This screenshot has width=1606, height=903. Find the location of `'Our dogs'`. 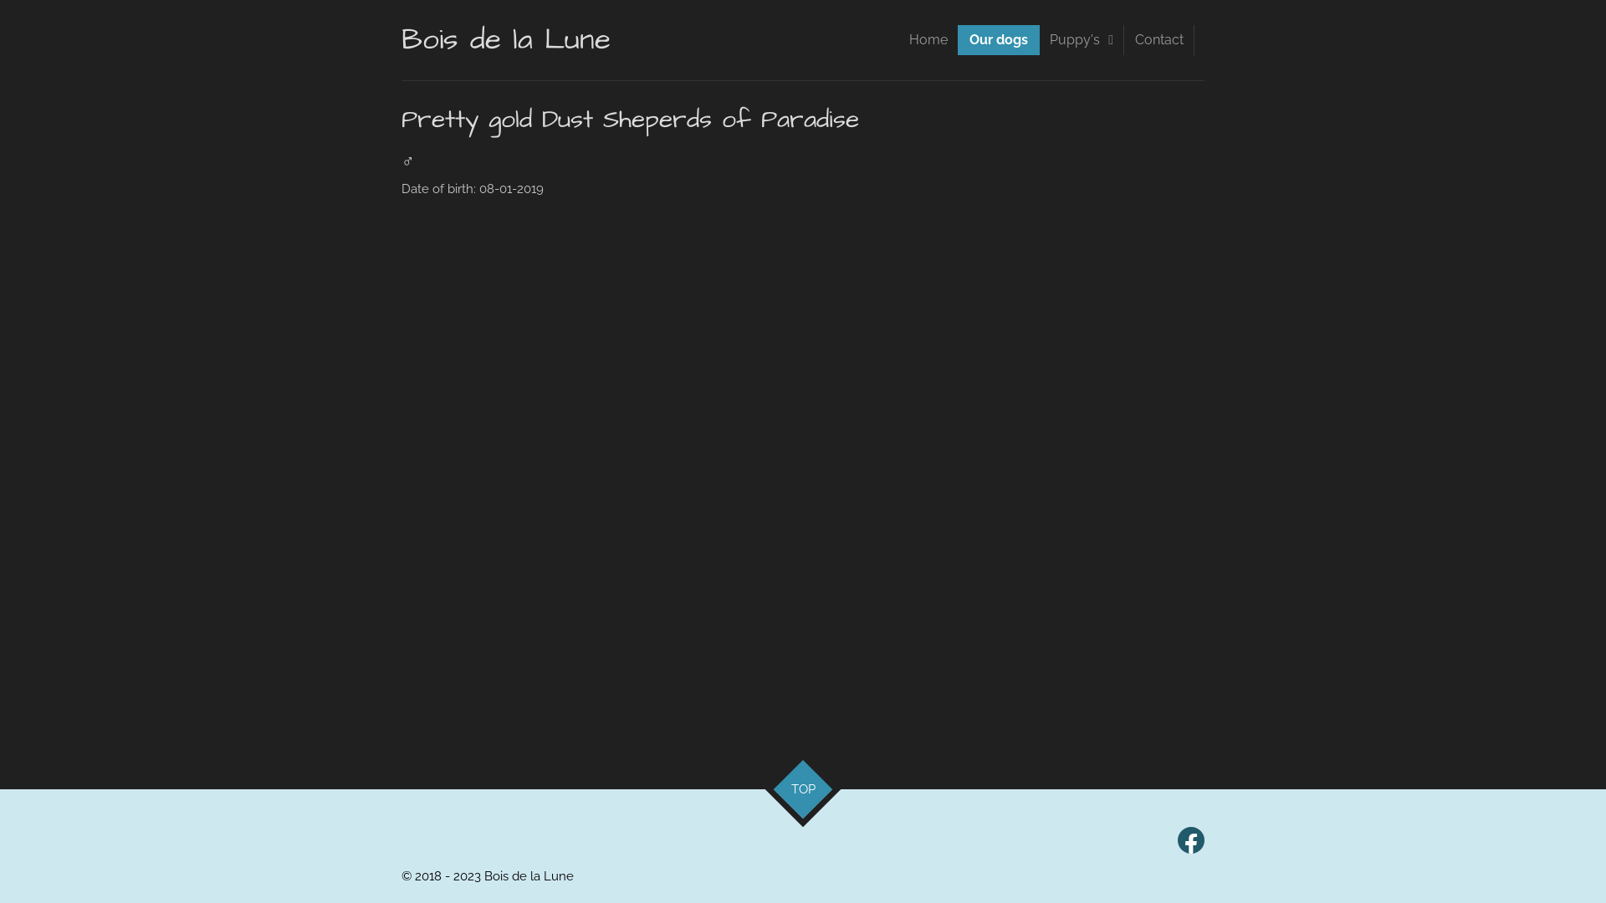

'Our dogs' is located at coordinates (999, 38).